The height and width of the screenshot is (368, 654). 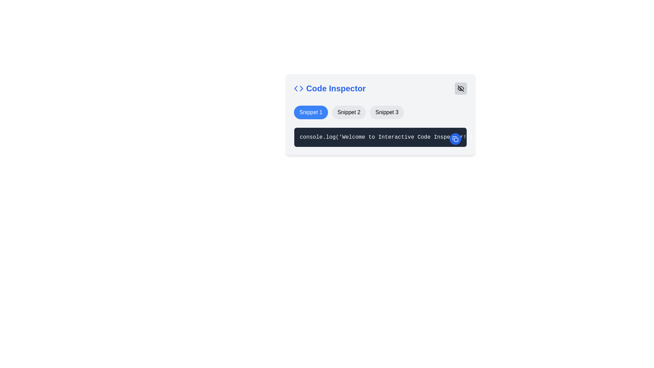 What do you see at coordinates (455, 139) in the screenshot?
I see `the copy icon located in the circular blue button at the top-right corner of the code snippet viewer to initiate the copy action` at bounding box center [455, 139].